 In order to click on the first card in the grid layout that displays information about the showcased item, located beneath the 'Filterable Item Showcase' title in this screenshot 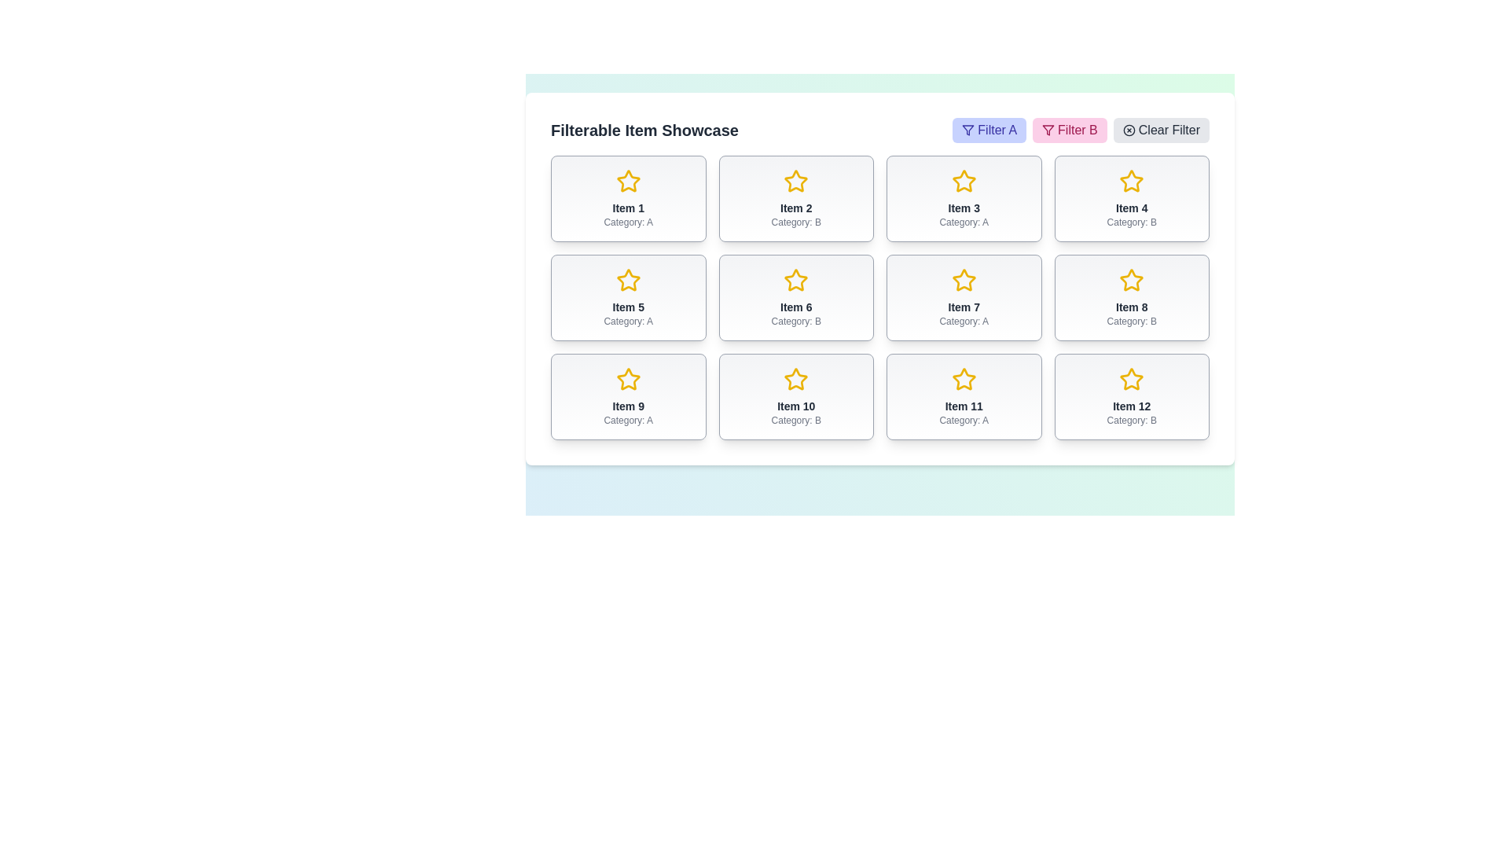, I will do `click(627, 198)`.